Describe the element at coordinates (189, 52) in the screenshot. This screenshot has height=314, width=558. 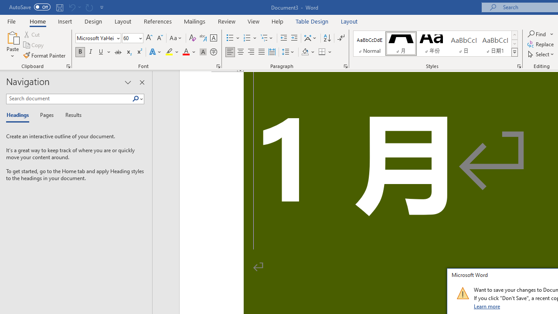
I see `'Font Color'` at that location.